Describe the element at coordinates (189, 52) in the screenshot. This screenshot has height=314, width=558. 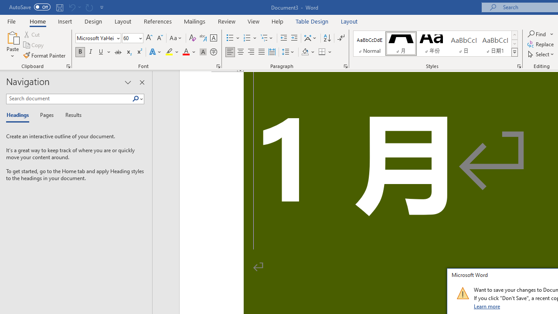
I see `'Font Color'` at that location.